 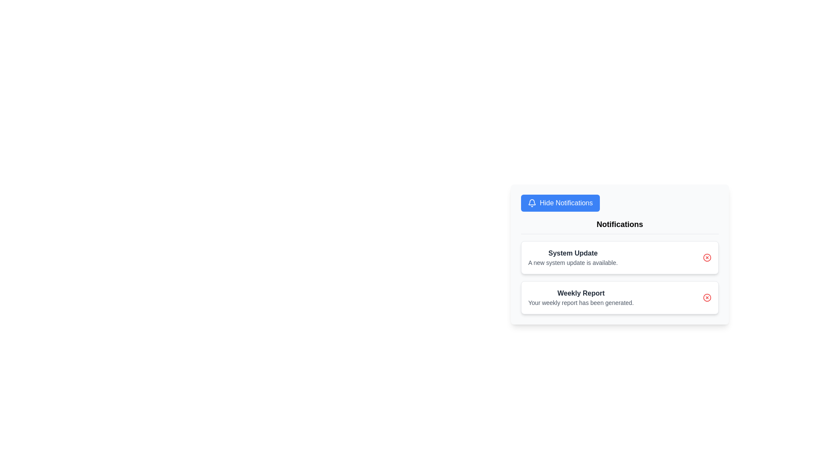 I want to click on the header text label displaying 'Notifications', which is styled with a large bold font and is positioned at the top-center of the notification section, so click(x=619, y=226).